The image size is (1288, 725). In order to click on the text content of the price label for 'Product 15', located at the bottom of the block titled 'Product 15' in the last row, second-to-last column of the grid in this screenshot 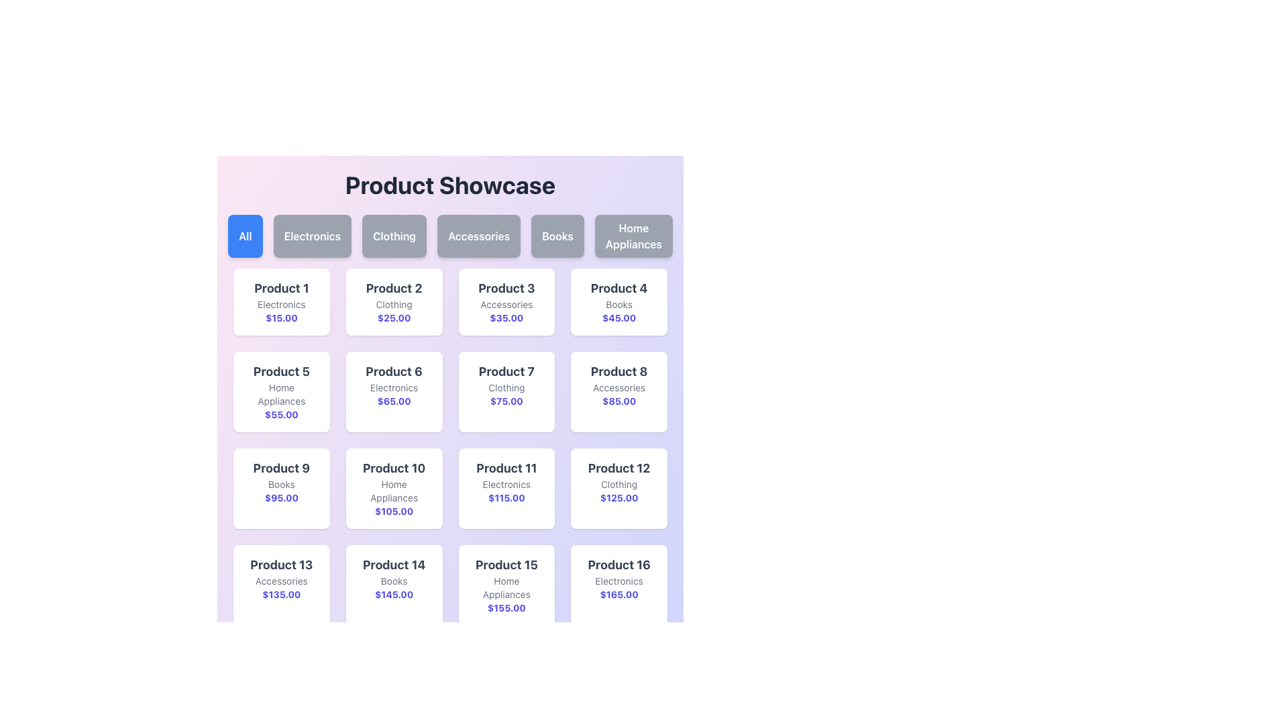, I will do `click(506, 608)`.